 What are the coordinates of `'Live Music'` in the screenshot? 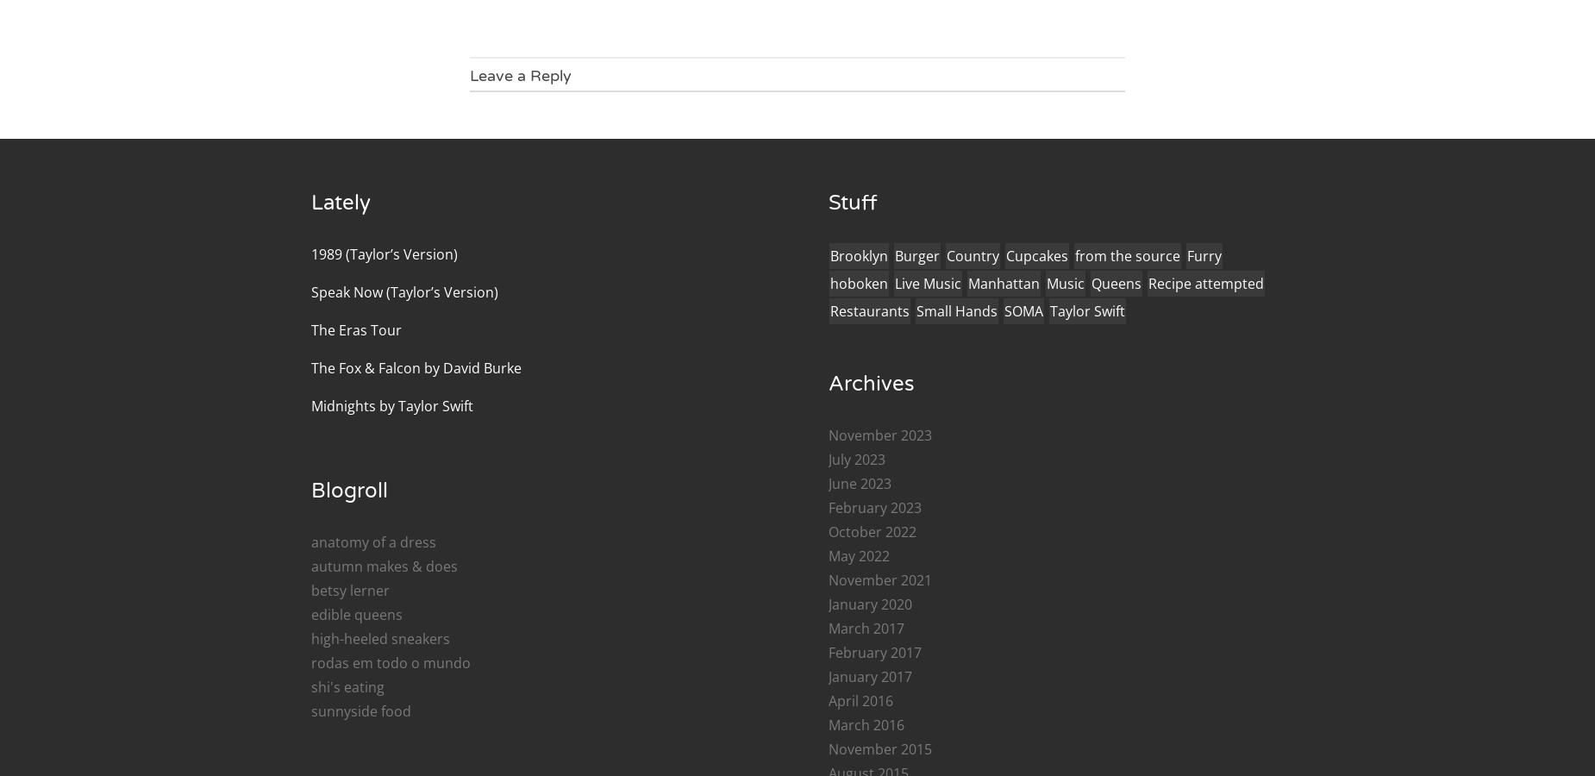 It's located at (927, 281).